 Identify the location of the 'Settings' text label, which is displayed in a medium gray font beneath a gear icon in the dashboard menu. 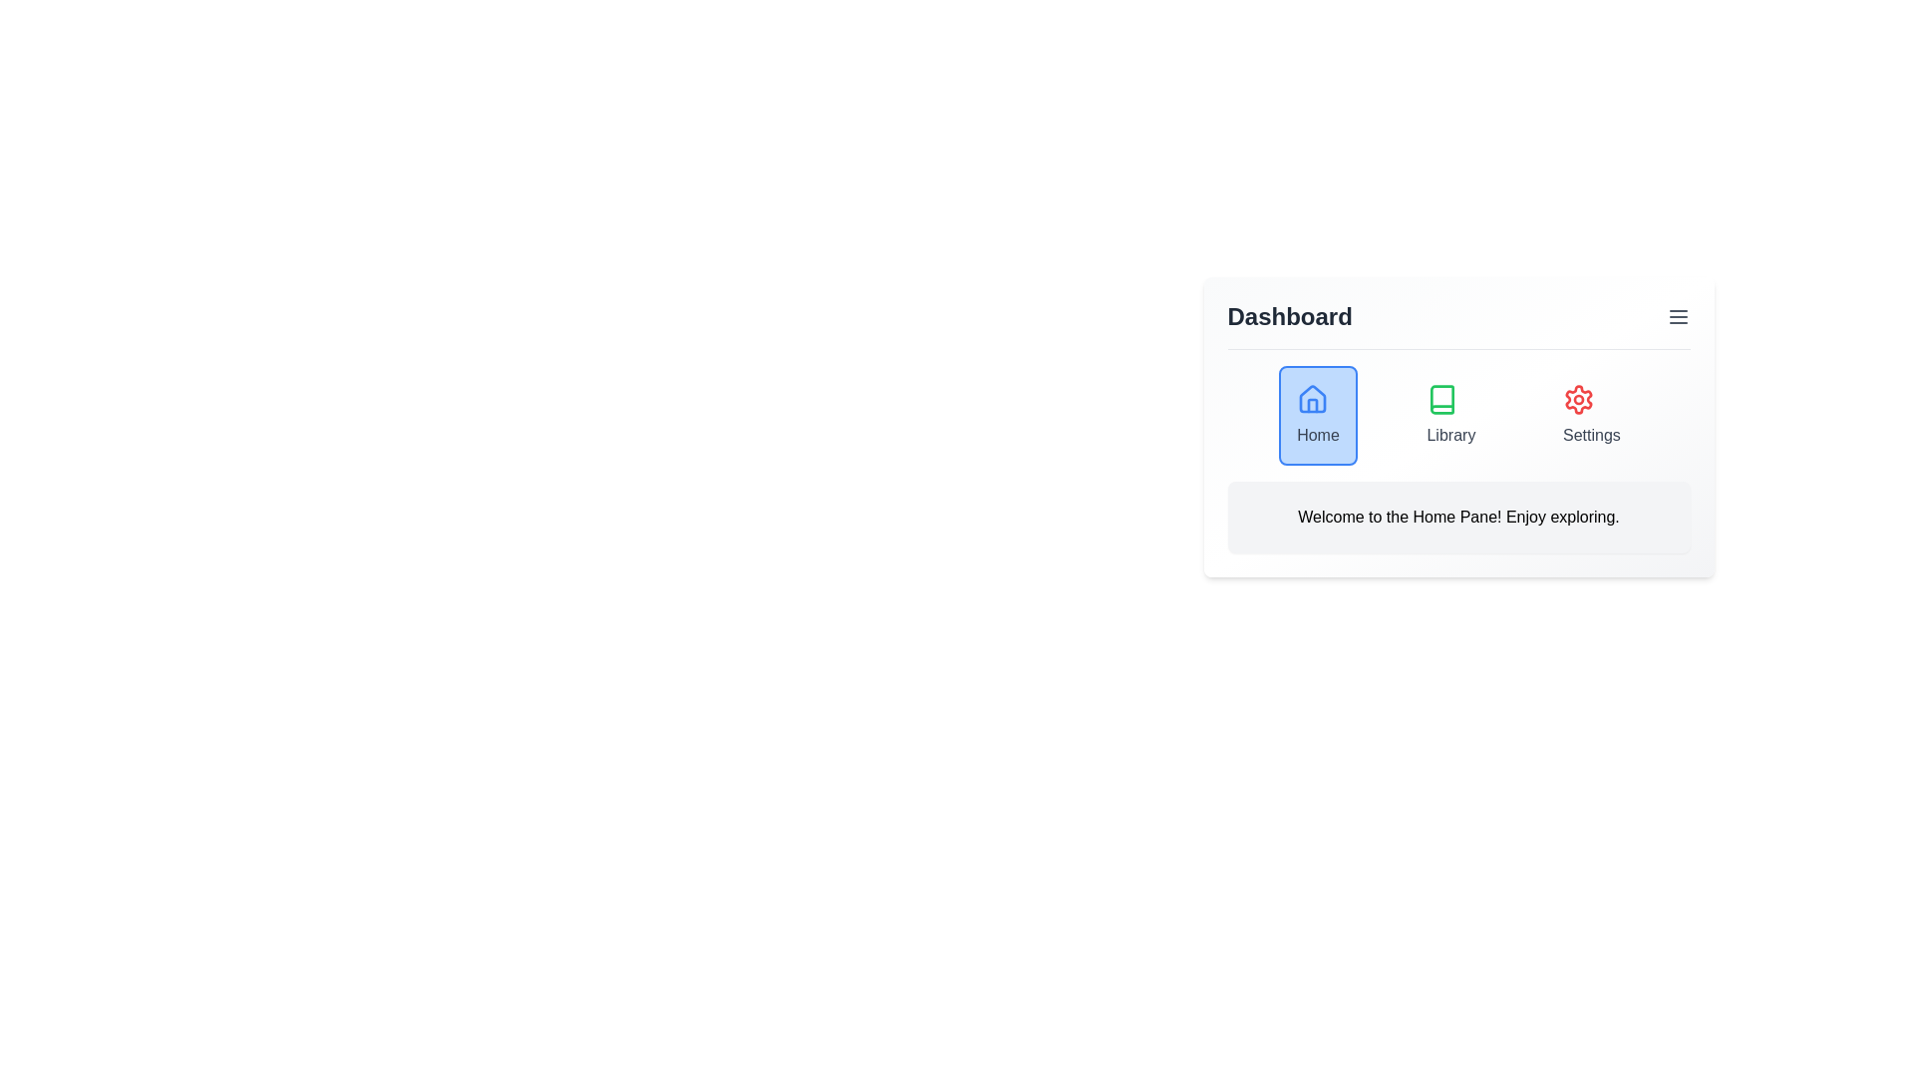
(1590, 434).